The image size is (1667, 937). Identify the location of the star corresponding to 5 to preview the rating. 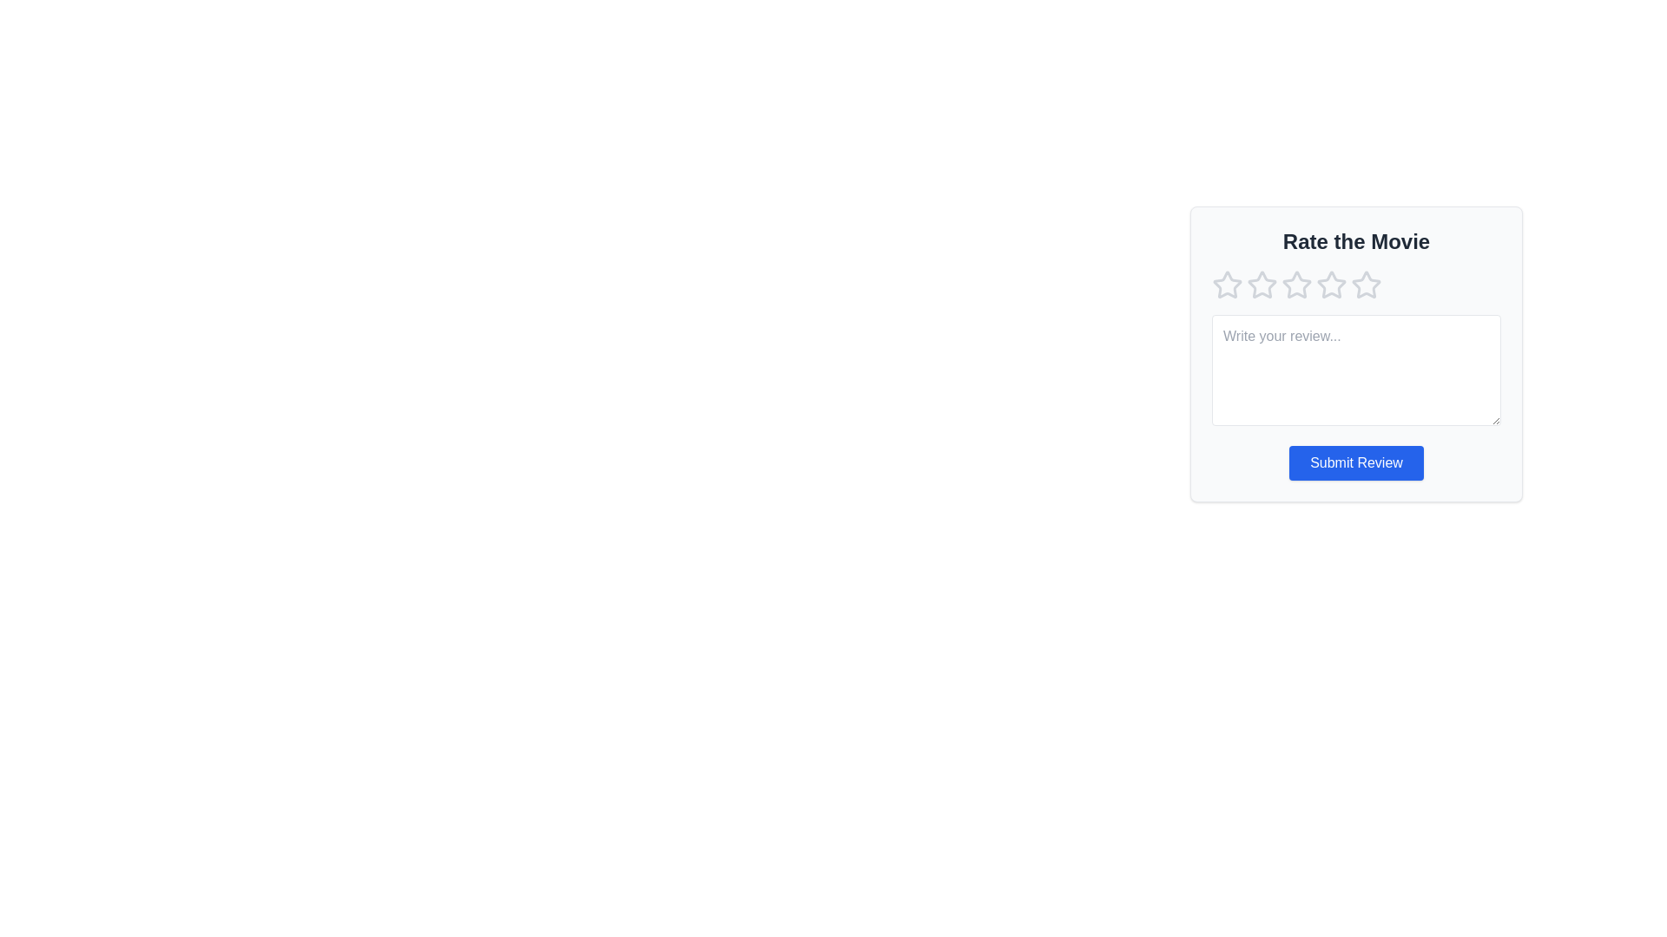
(1366, 284).